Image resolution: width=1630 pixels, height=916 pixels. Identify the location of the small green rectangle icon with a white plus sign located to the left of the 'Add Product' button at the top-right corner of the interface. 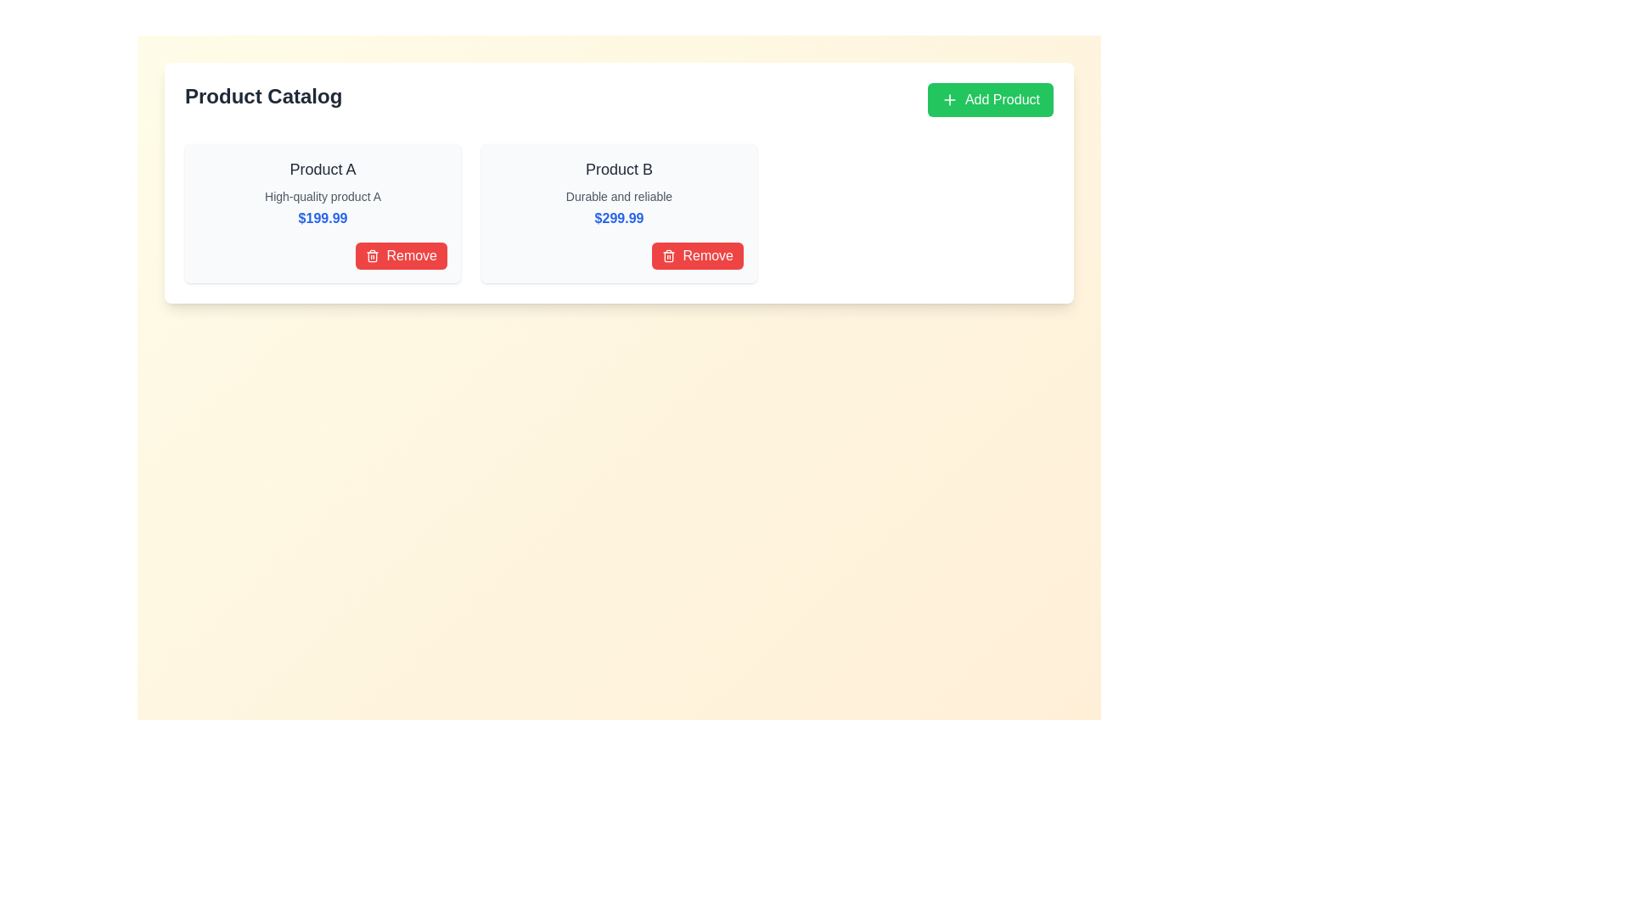
(948, 100).